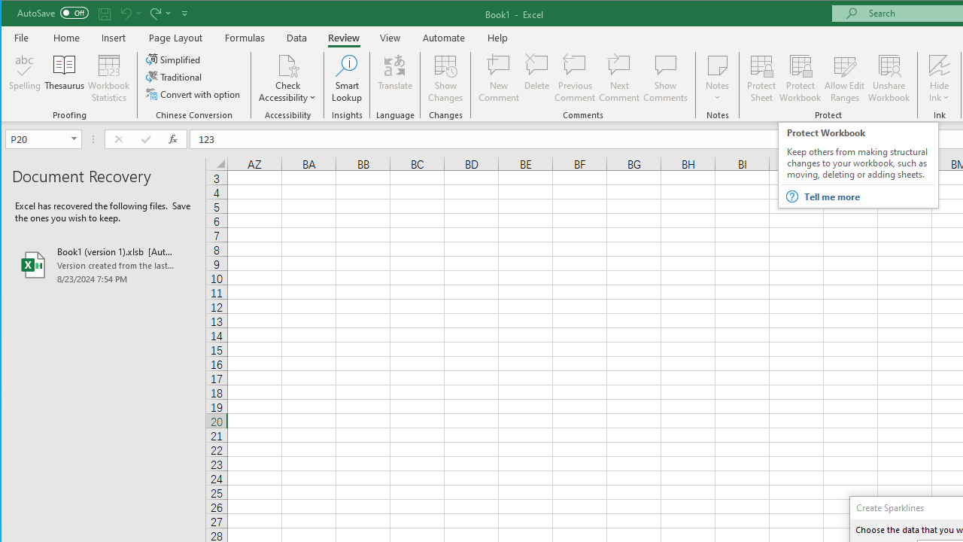 This screenshot has height=542, width=963. Describe the element at coordinates (800, 78) in the screenshot. I see `'Protect Workbook...'` at that location.